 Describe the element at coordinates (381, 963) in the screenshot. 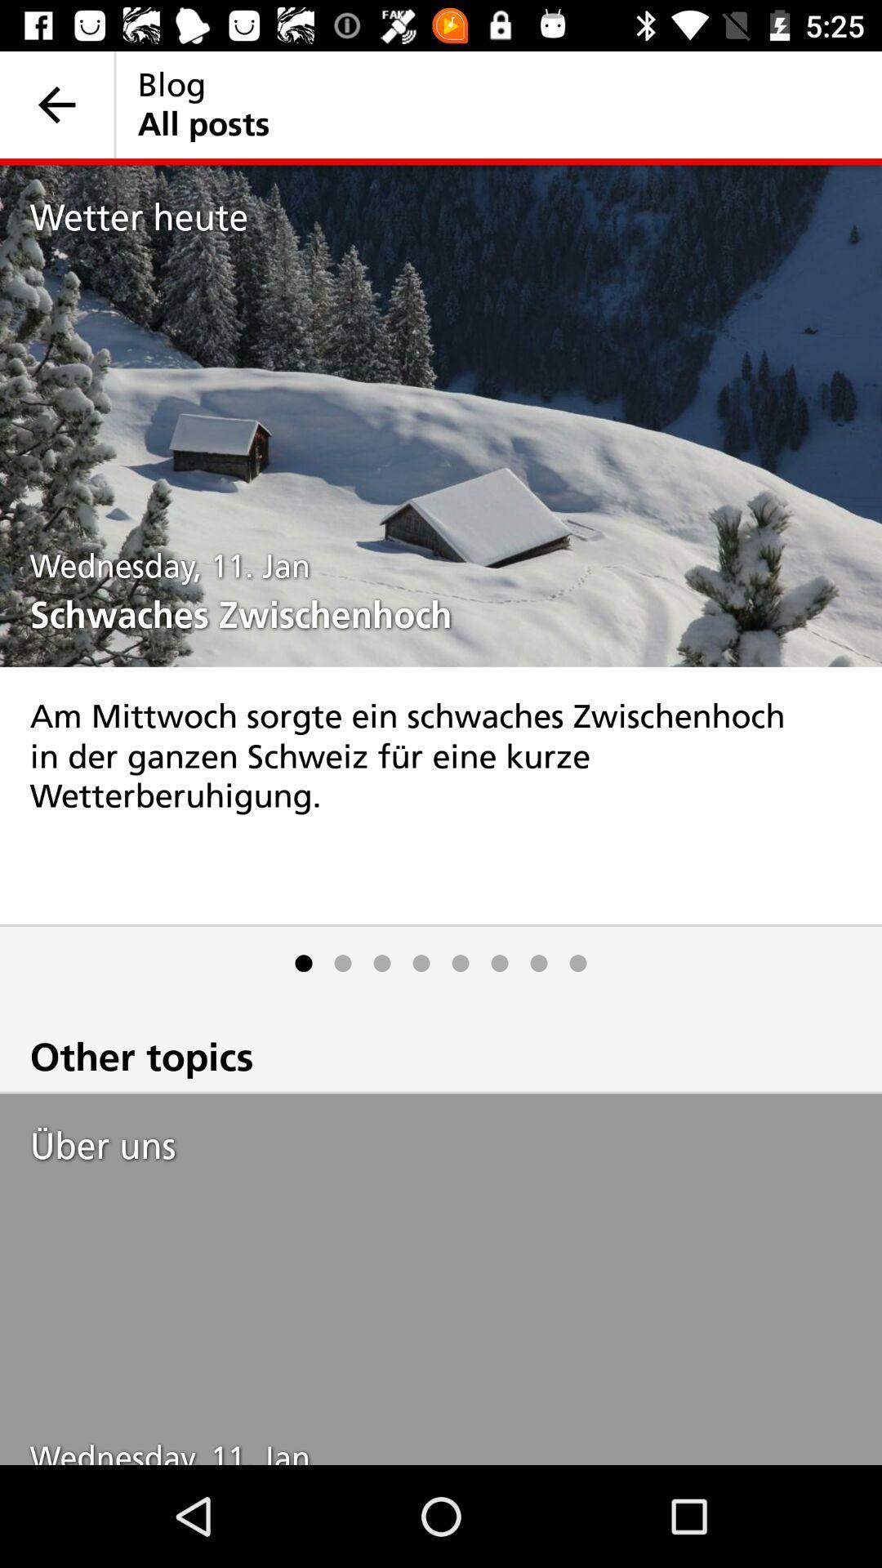

I see `icon above the other topics` at that location.